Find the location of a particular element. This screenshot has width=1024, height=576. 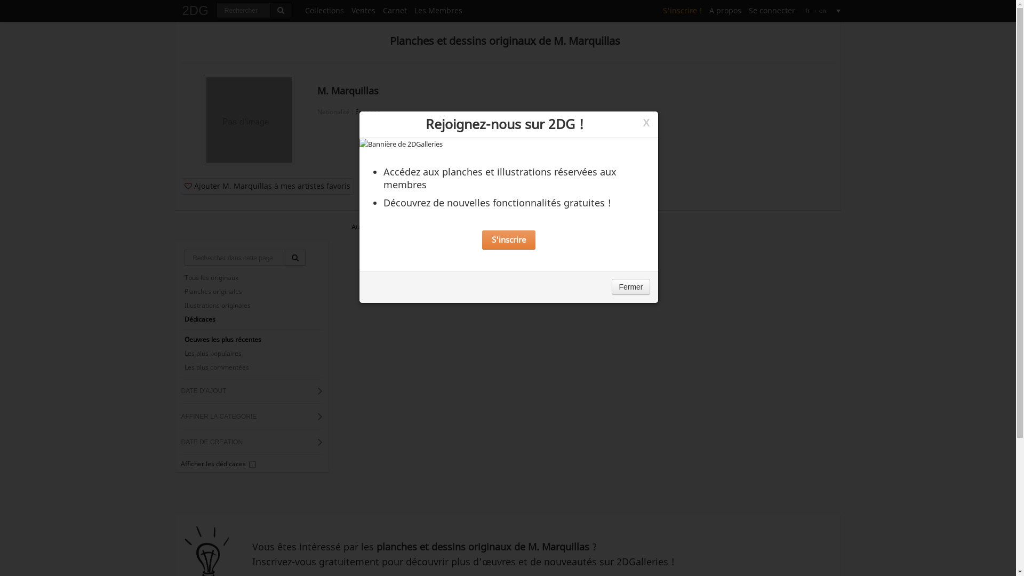

'Rechercher des originaux dans cette page' is located at coordinates (295, 257).